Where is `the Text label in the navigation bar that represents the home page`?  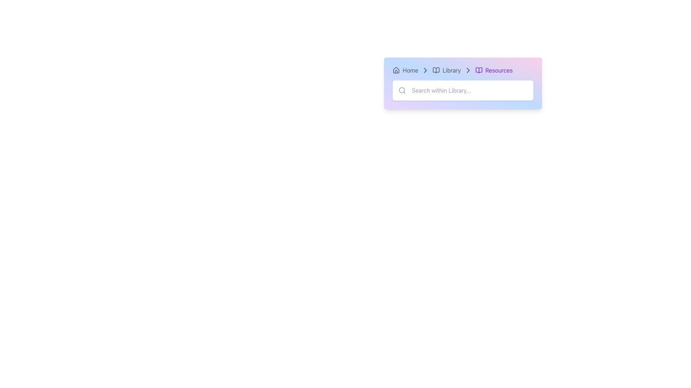
the Text label in the navigation bar that represents the home page is located at coordinates (410, 70).